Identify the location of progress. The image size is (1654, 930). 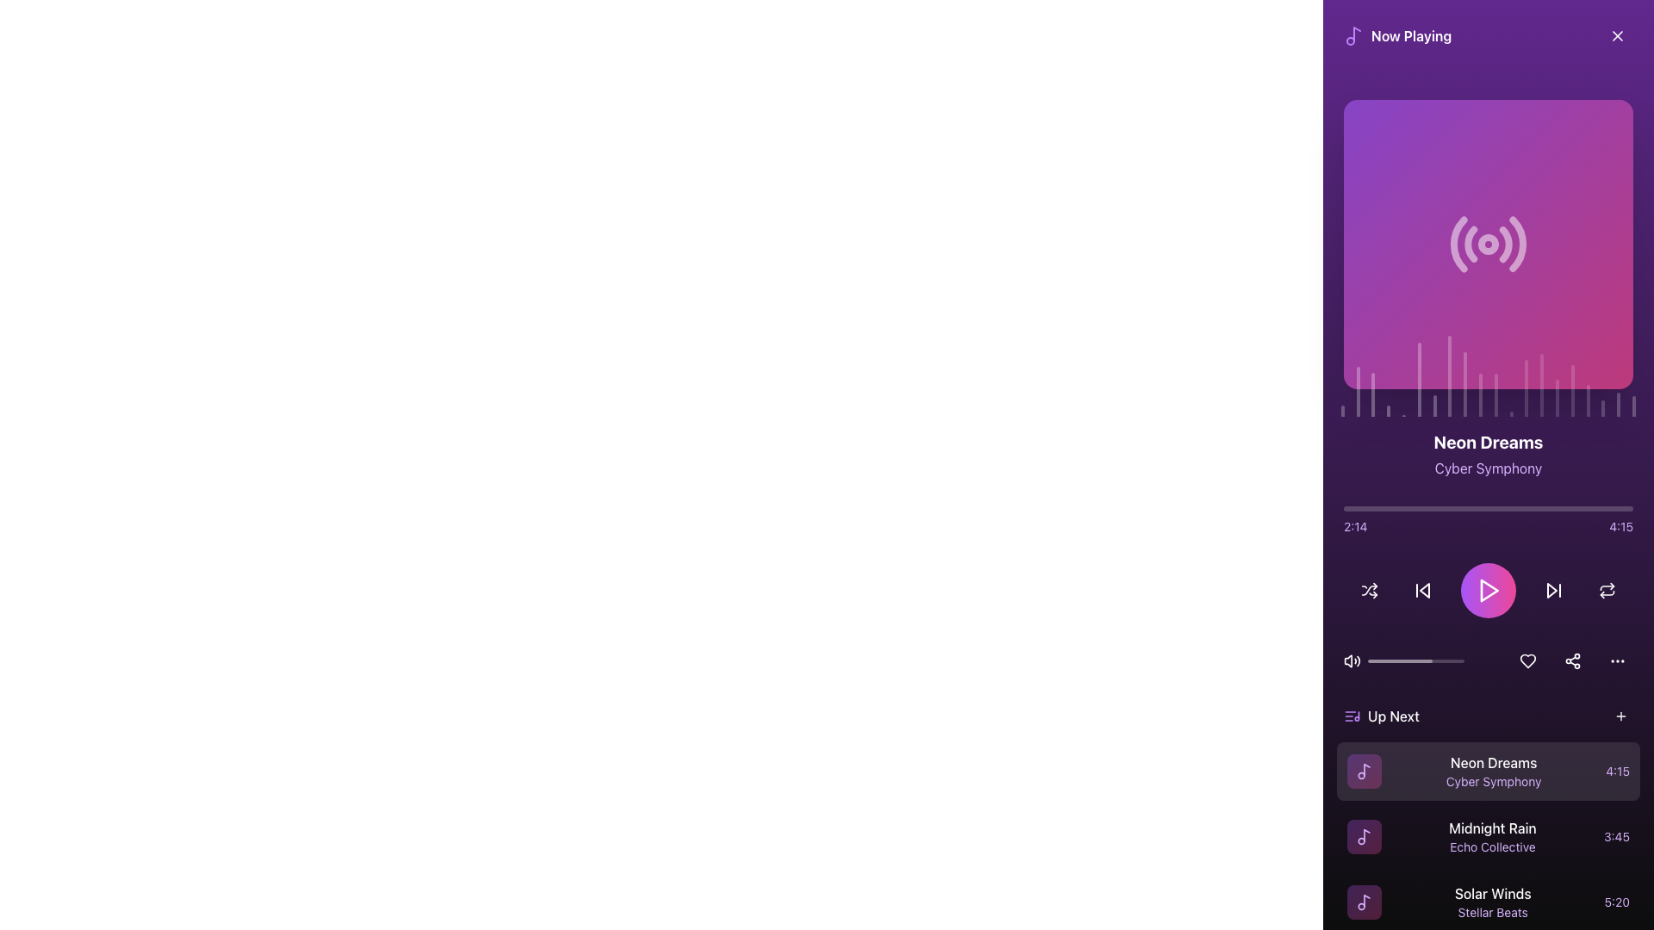
(1560, 507).